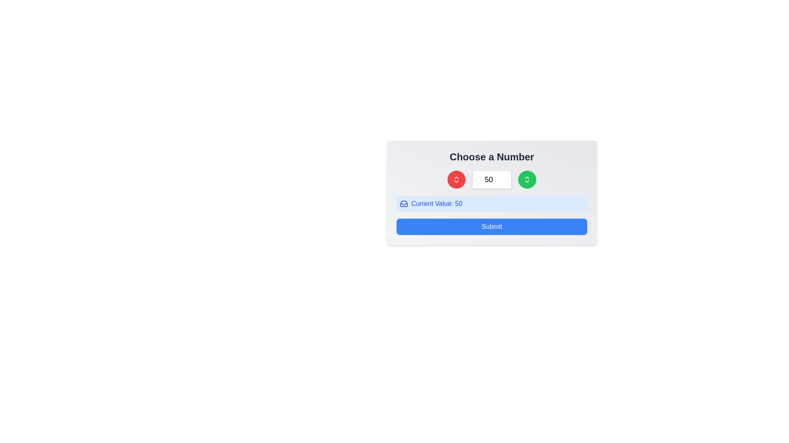 Image resolution: width=789 pixels, height=443 pixels. Describe the element at coordinates (404, 203) in the screenshot. I see `the icon located on the far left of the text 'Current Value: 50', which serves as a visual cue for the value presented` at that location.